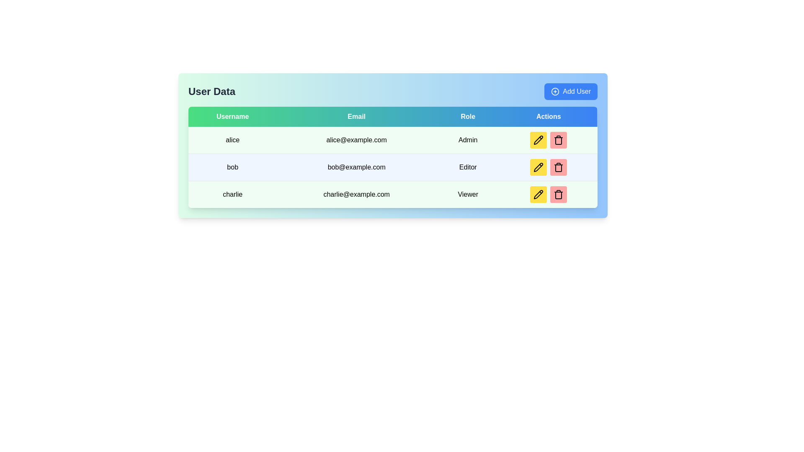 This screenshot has height=452, width=804. Describe the element at coordinates (356, 167) in the screenshot. I see `the text label displaying the email address for user 'bob' located in the second row of the table within the 'Email' column` at that location.